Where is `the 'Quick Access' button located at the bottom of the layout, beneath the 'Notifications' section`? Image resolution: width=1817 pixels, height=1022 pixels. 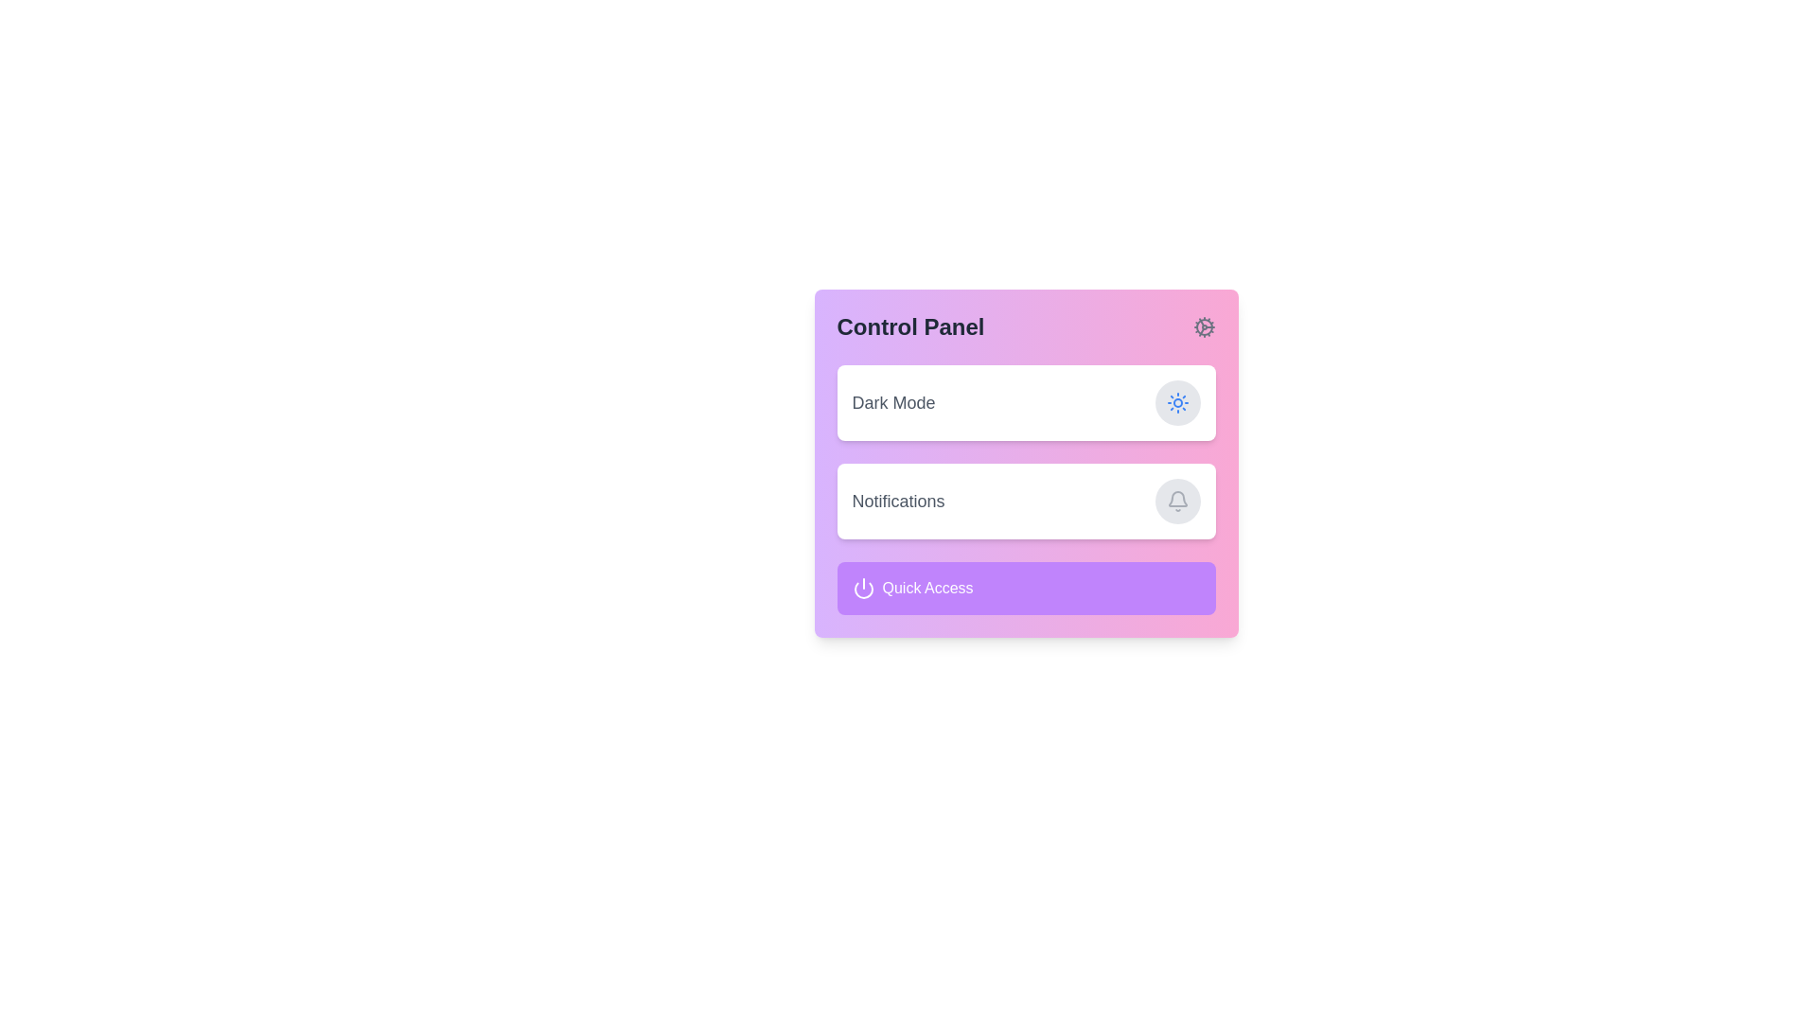
the 'Quick Access' button located at the bottom of the layout, beneath the 'Notifications' section is located at coordinates (1025, 587).